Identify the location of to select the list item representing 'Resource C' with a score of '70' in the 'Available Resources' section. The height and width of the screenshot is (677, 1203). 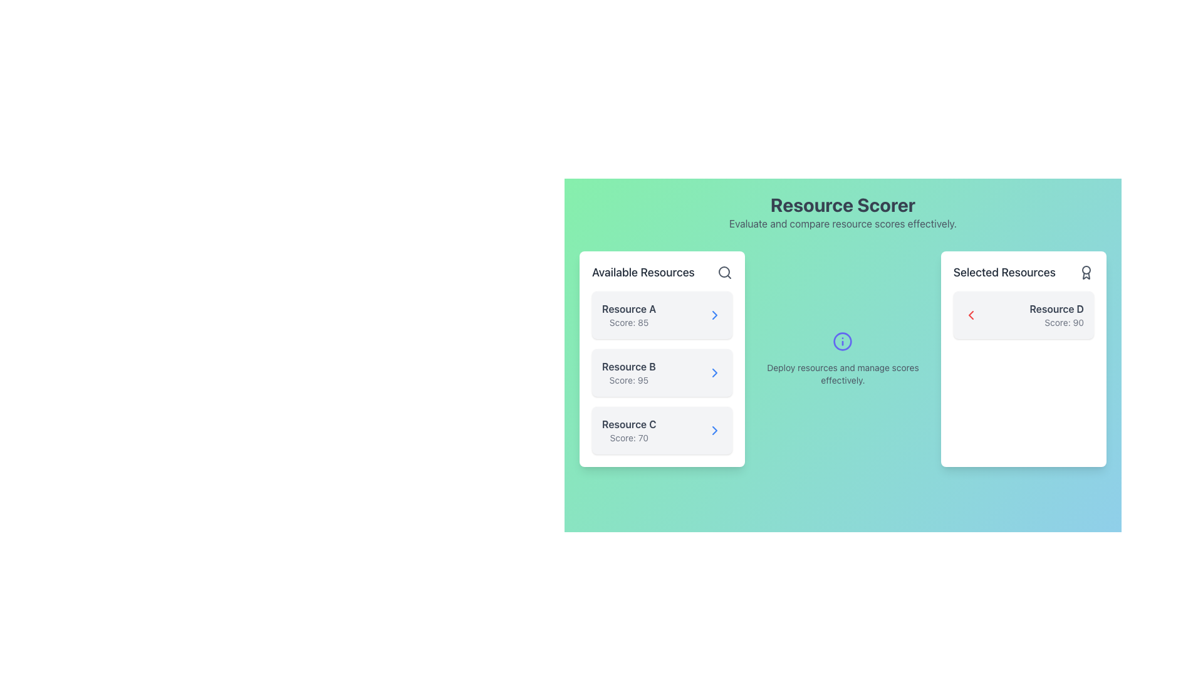
(662, 429).